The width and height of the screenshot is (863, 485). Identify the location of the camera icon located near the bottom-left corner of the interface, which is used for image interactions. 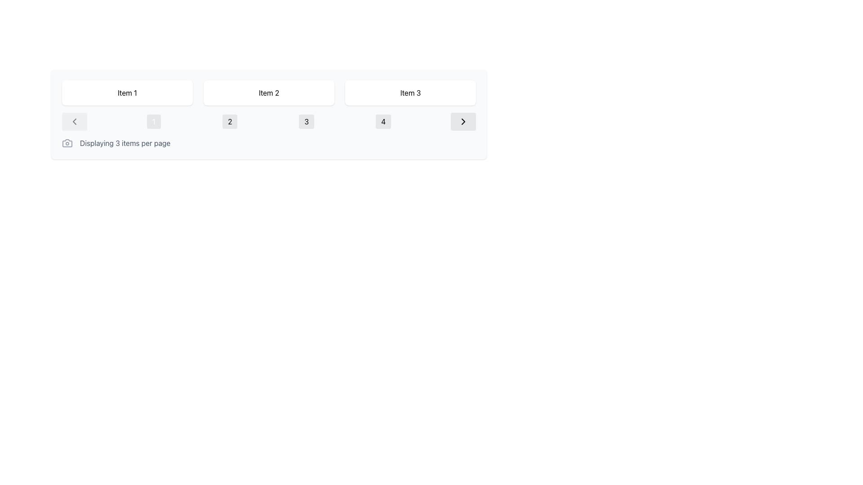
(67, 143).